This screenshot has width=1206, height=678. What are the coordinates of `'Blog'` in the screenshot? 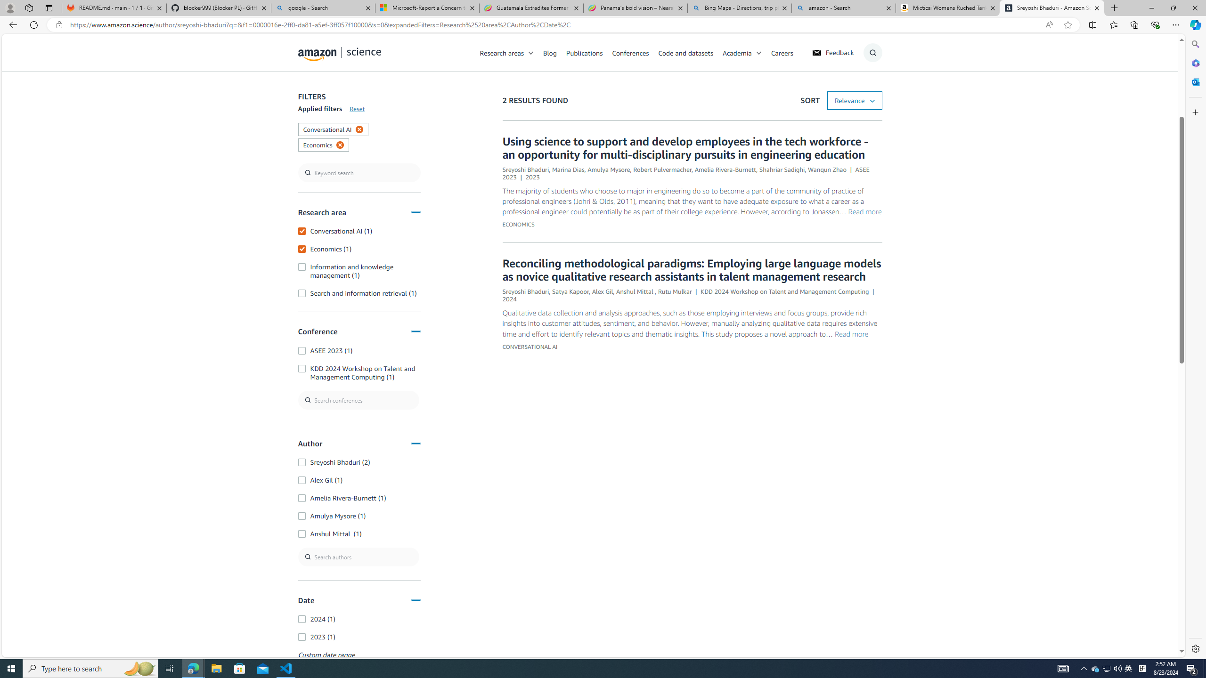 It's located at (549, 52).